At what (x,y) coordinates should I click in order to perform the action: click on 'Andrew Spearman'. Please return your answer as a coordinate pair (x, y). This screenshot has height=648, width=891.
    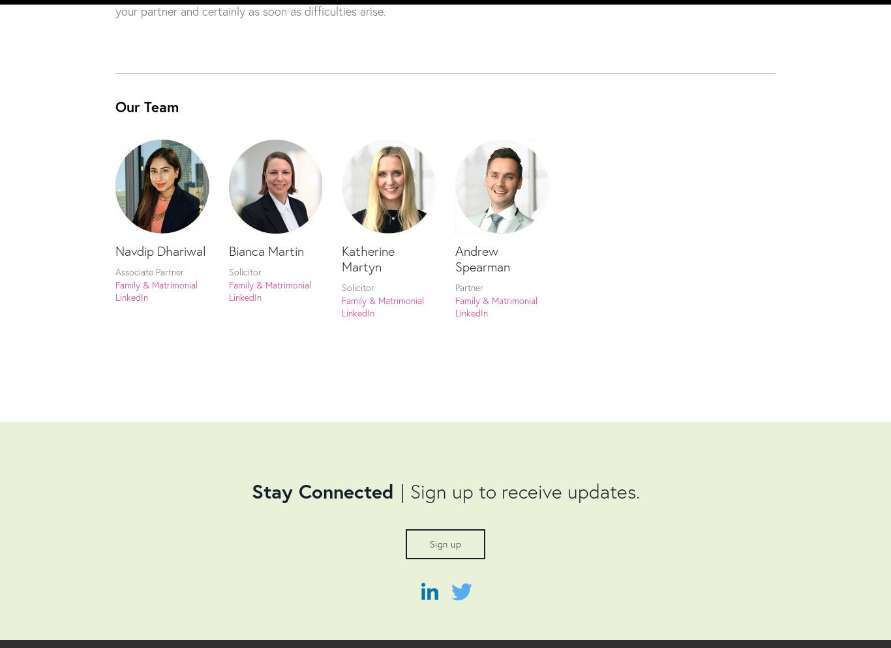
    Looking at the image, I should click on (482, 257).